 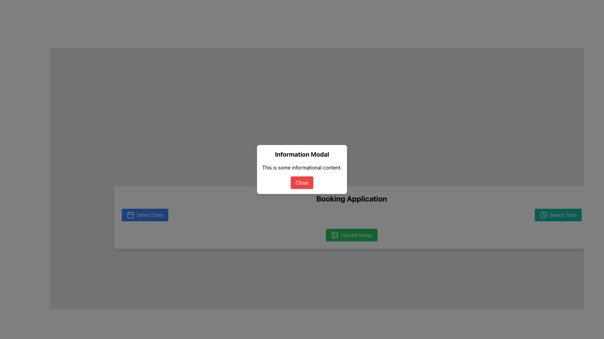 I want to click on the 'Select Date' button with a blue background and white text to trigger the color change effect, so click(x=144, y=215).